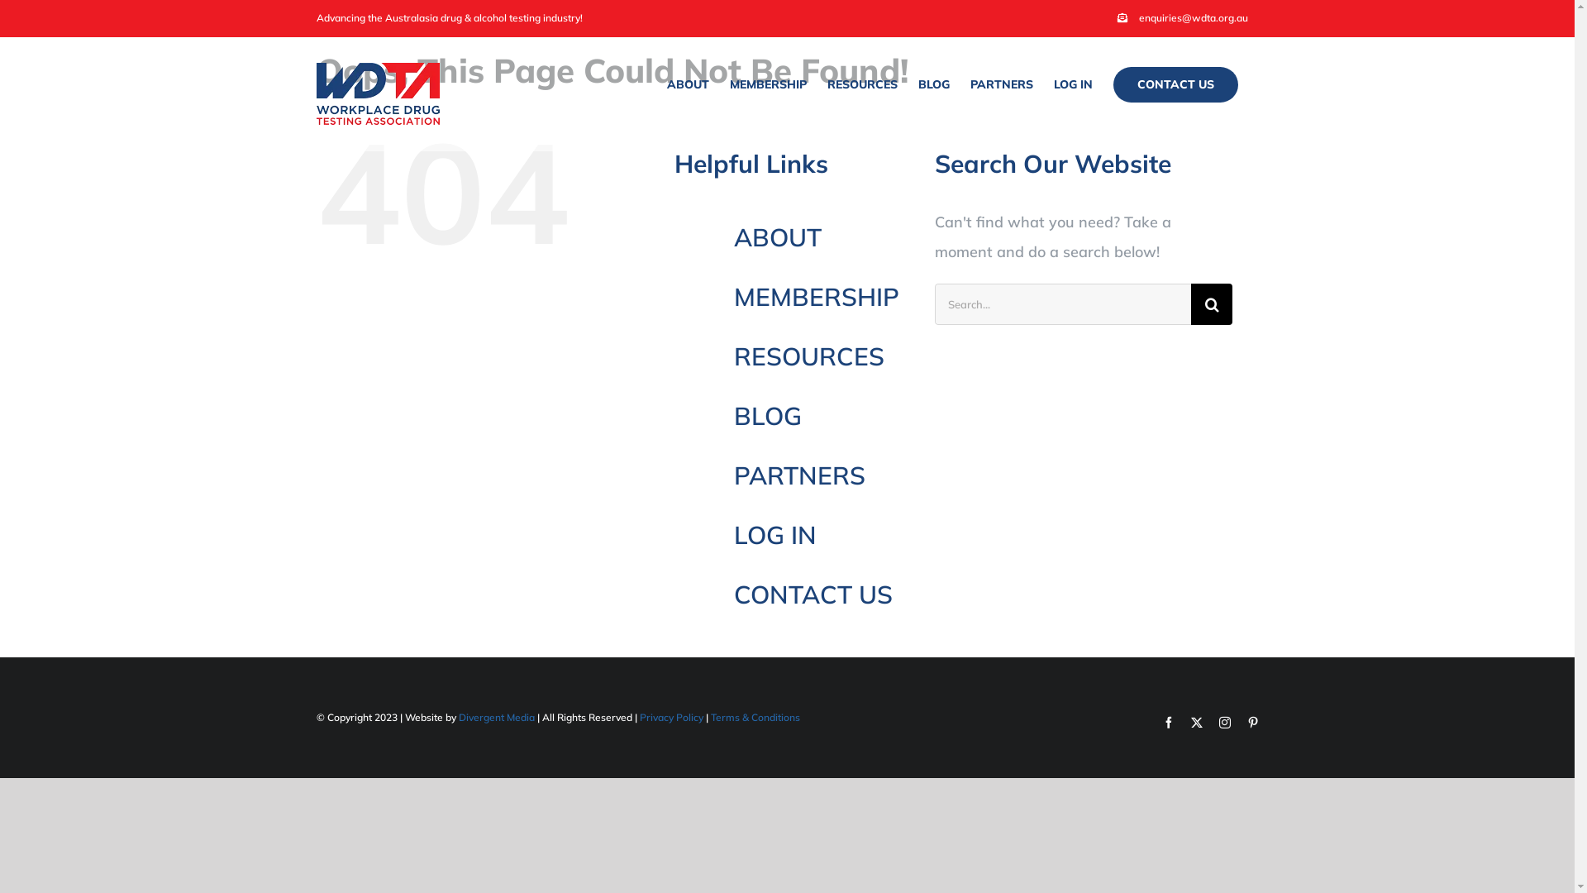 Image resolution: width=1587 pixels, height=893 pixels. I want to click on 'Privacy Policy', so click(671, 716).